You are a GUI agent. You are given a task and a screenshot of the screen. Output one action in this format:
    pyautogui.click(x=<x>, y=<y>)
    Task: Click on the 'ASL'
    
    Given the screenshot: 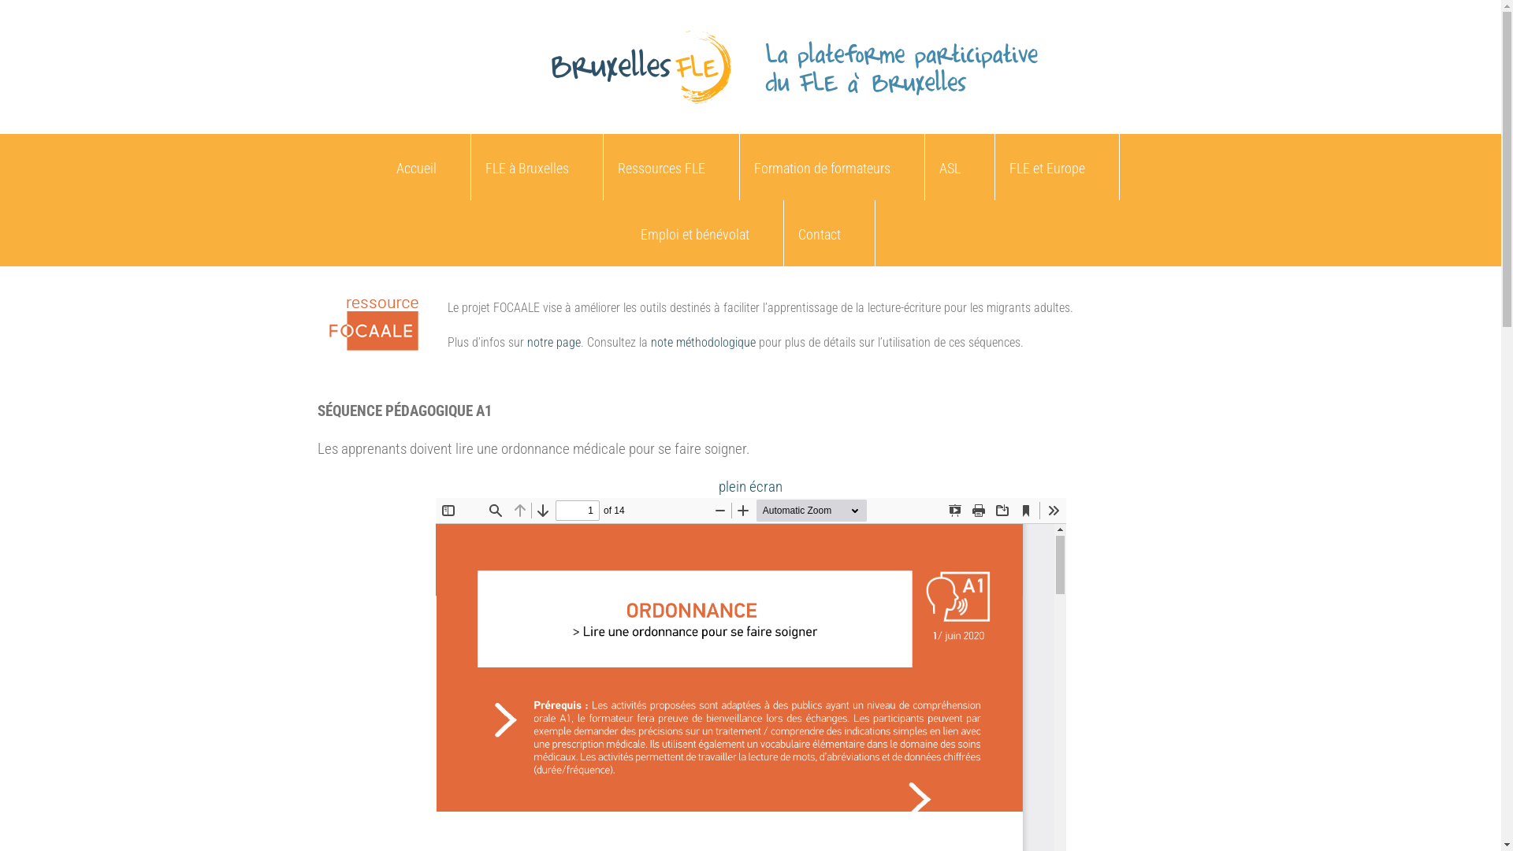 What is the action you would take?
    pyautogui.click(x=925, y=167)
    